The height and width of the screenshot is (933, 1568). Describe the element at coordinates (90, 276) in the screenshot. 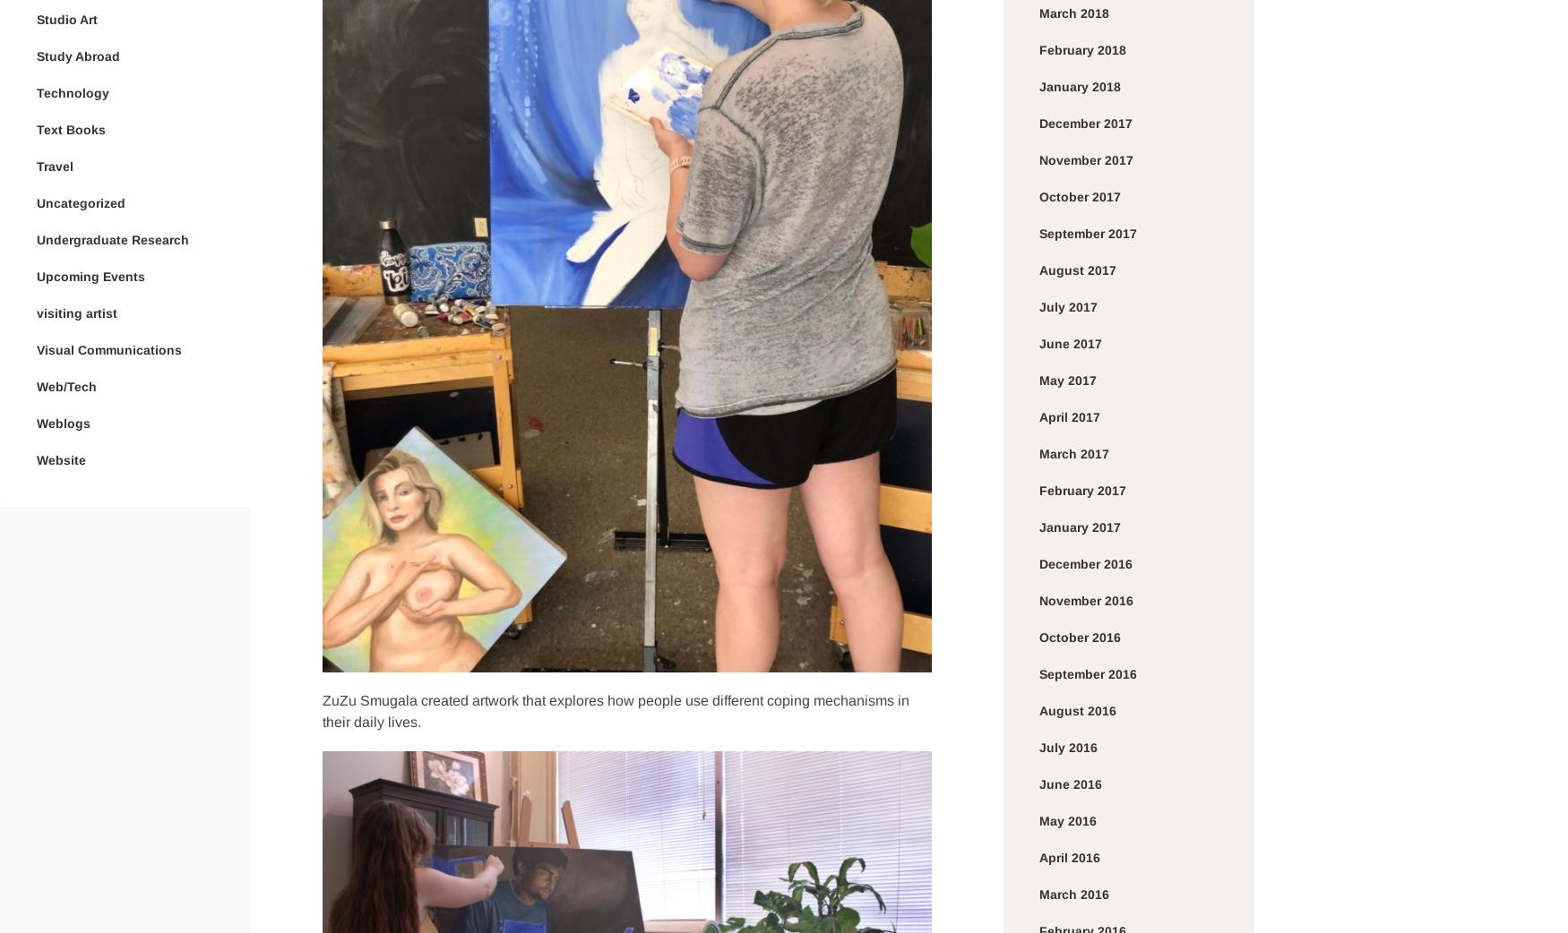

I see `'Upcoming Events'` at that location.